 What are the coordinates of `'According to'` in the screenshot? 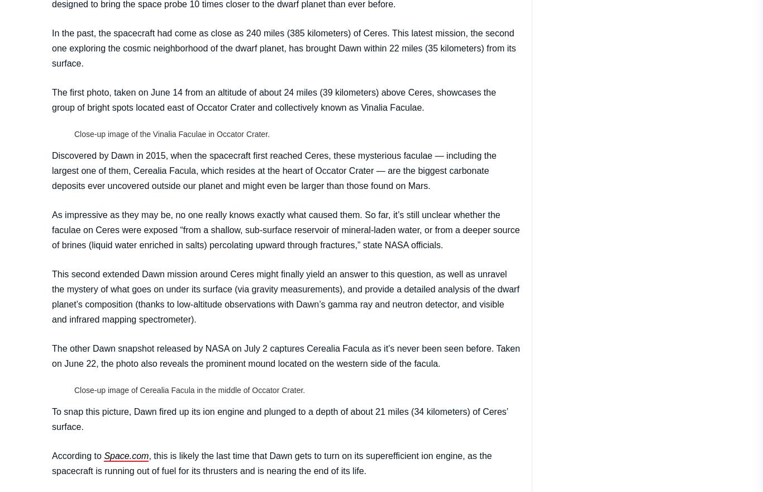 It's located at (77, 455).